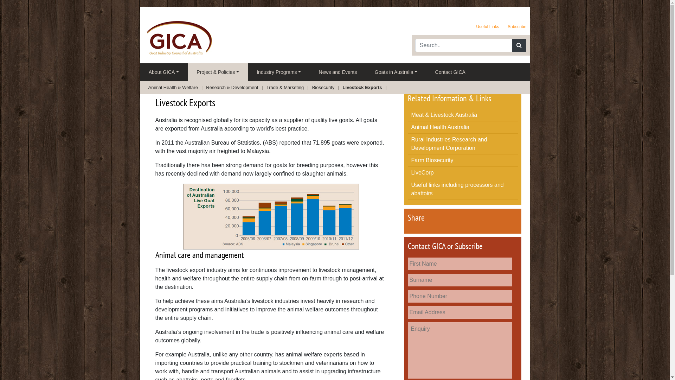 This screenshot has height=380, width=675. I want to click on 'Useful Links', so click(476, 26).